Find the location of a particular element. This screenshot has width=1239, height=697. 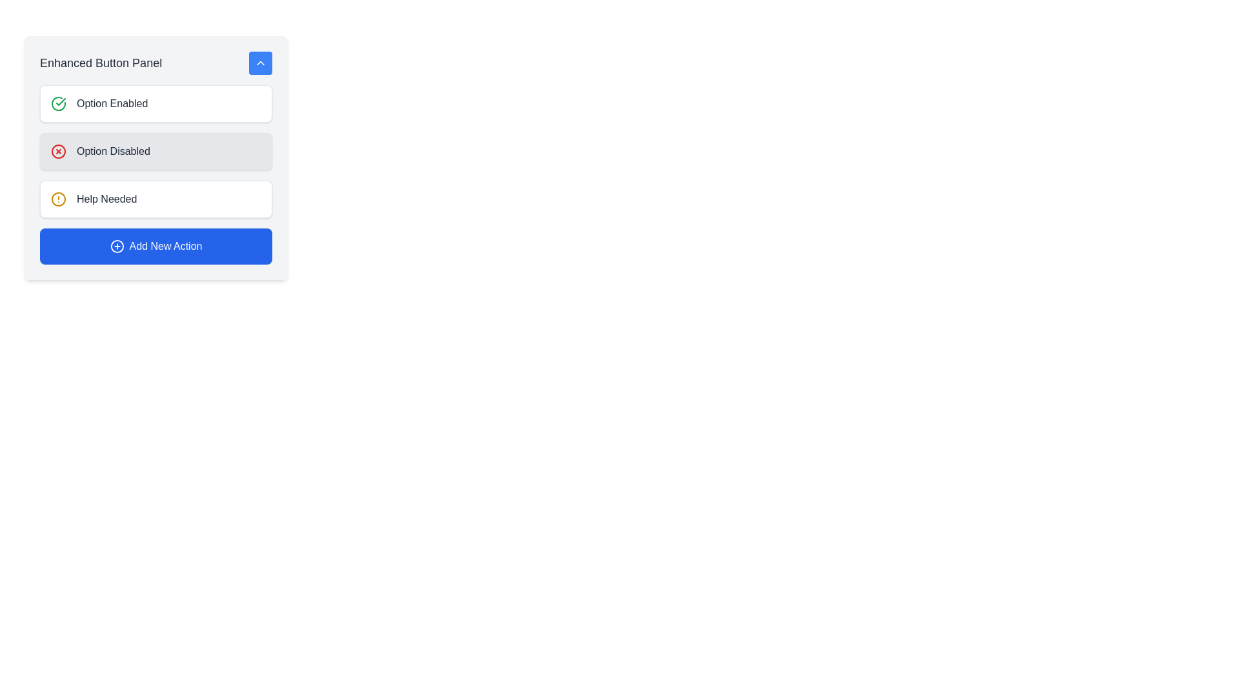

the Decorative icon or status indicator located at the left corner of the 'Help Needed' card, adjacent to the title text is located at coordinates (58, 199).